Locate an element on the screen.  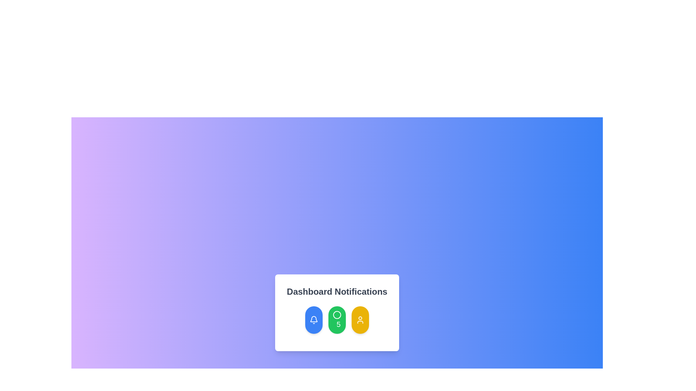
the decorative SVG graphic element within the green circular button located below 'Dashboard Notifications', positioned between a blue button and a yellow button is located at coordinates (337, 315).